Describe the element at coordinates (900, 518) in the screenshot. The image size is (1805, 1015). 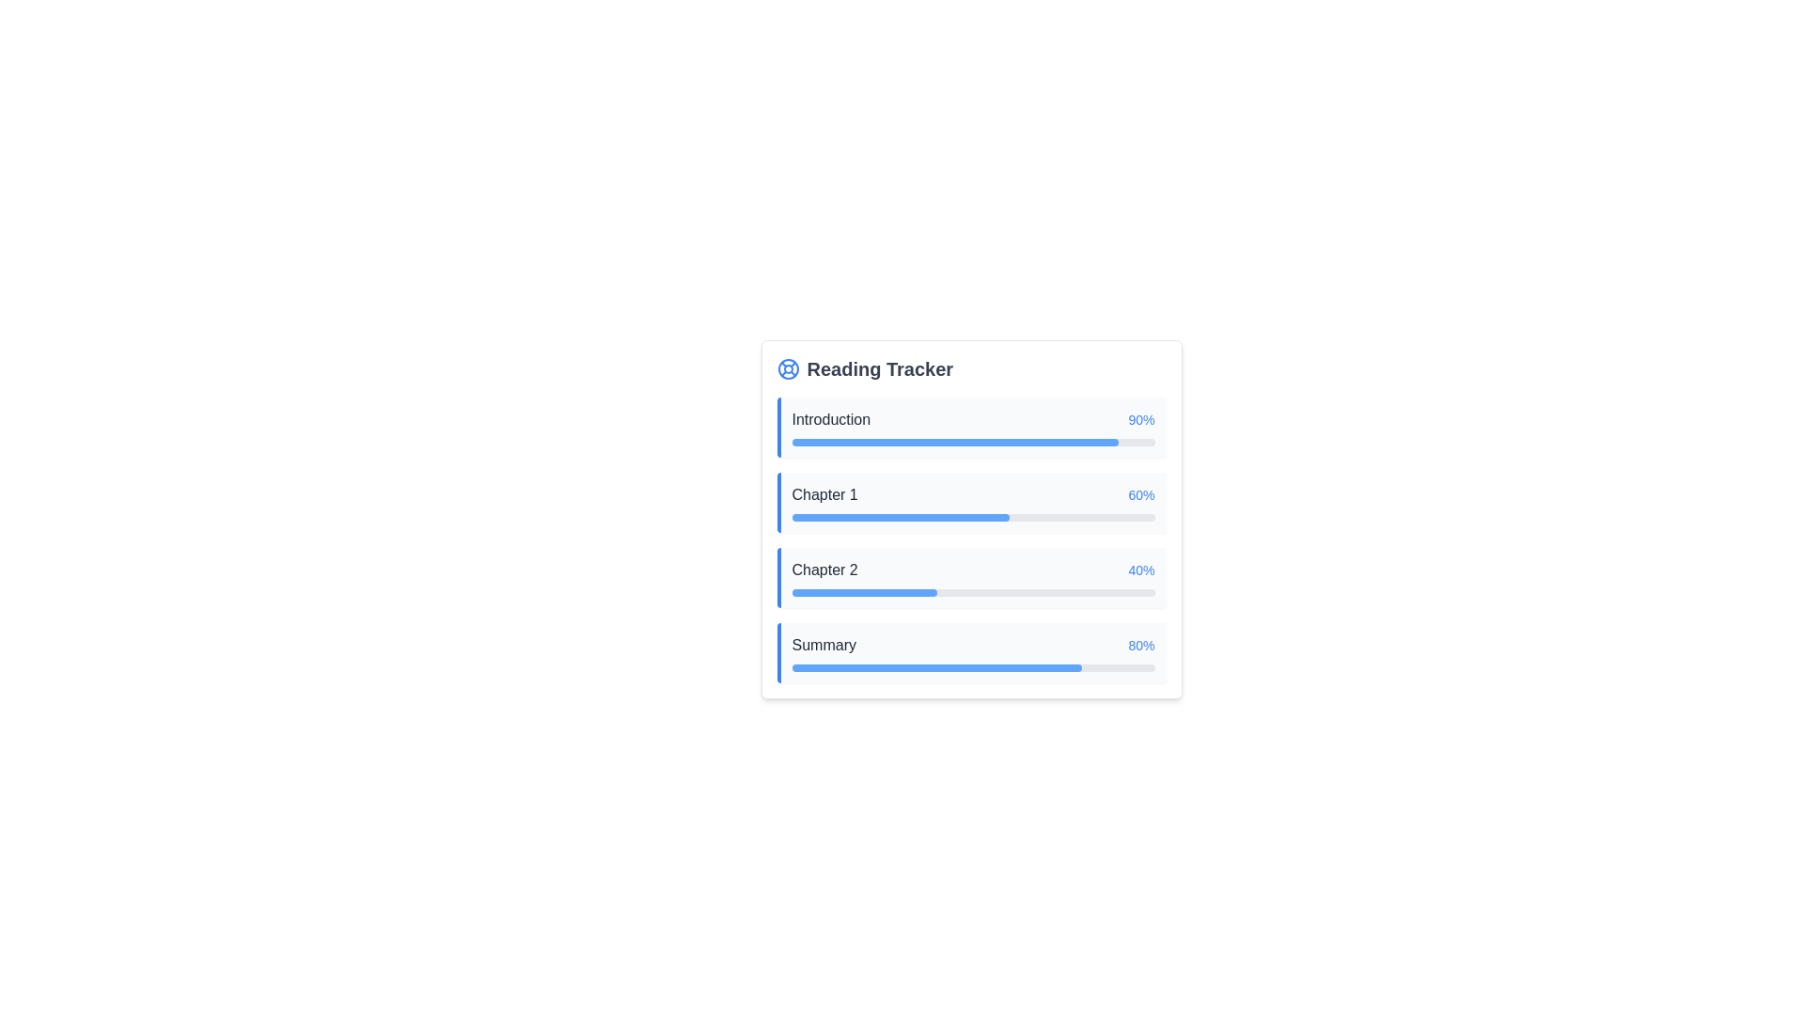
I see `the filled portion of the progress bar representing 'Chapter 1' in the tracker widget` at that location.